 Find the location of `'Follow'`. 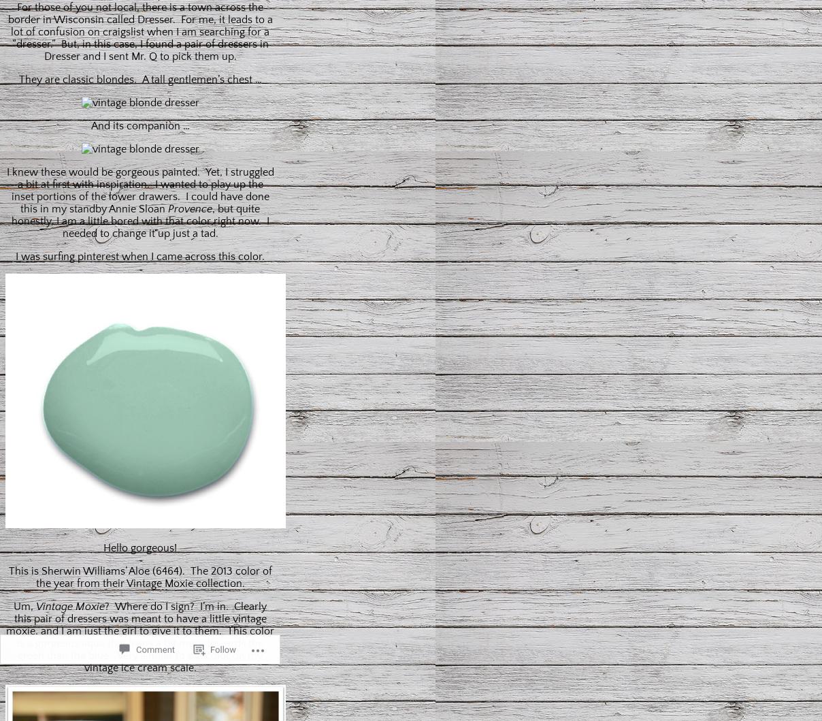

'Follow' is located at coordinates (222, 626).